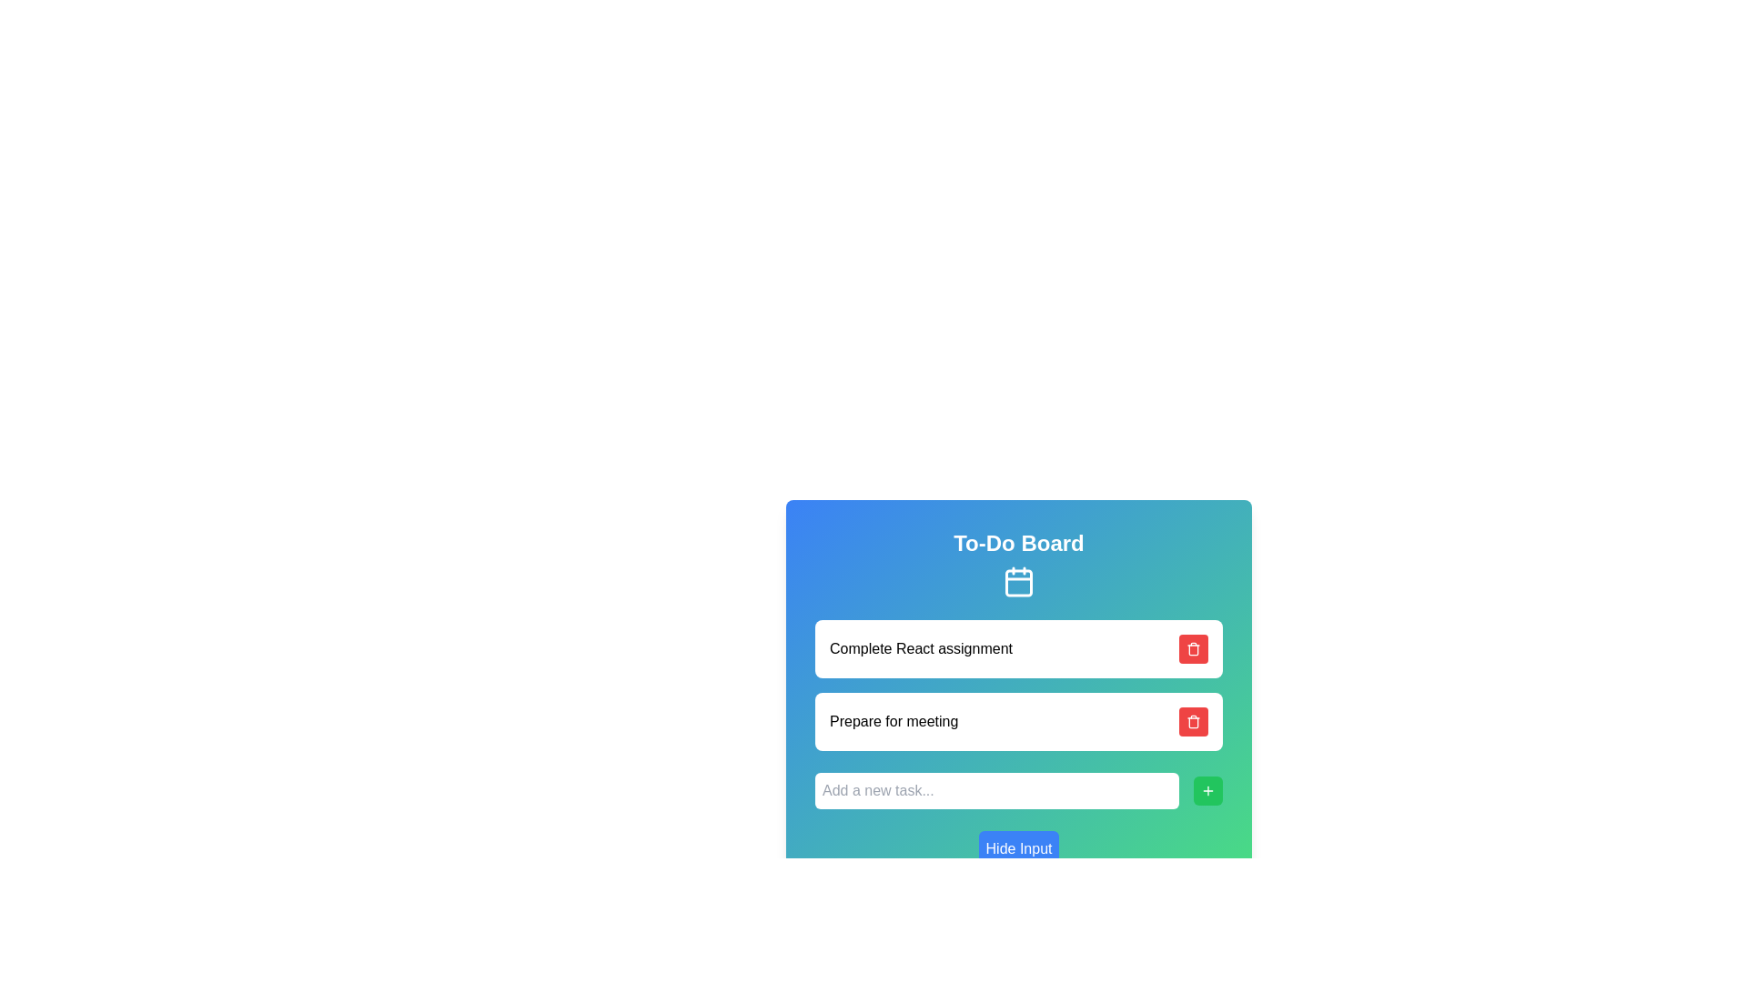 The width and height of the screenshot is (1747, 982). What do you see at coordinates (1017, 582) in the screenshot?
I see `the graphical component (rectangle) that serves as a visual placeholder within the calendar icon, located at the center of the interface under the 'To-Do Board' title` at bounding box center [1017, 582].